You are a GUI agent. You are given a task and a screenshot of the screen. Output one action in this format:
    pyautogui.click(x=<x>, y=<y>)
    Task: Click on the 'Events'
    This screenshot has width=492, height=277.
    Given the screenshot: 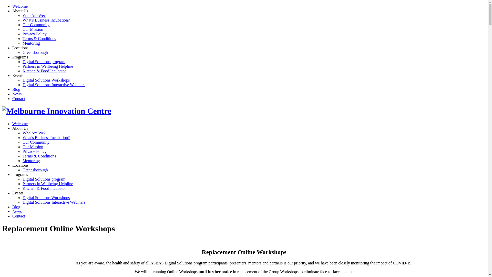 What is the action you would take?
    pyautogui.click(x=18, y=75)
    